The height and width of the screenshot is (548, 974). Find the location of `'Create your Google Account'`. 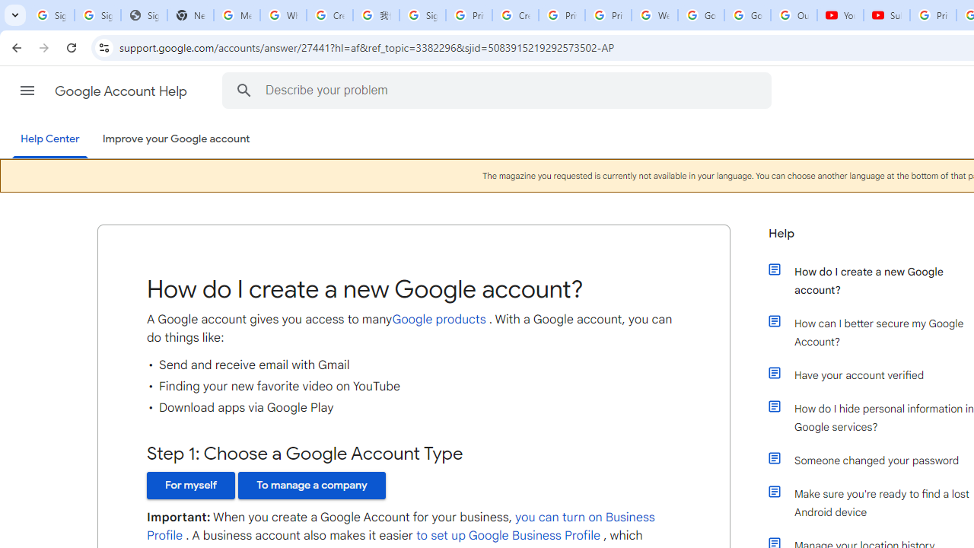

'Create your Google Account' is located at coordinates (329, 15).